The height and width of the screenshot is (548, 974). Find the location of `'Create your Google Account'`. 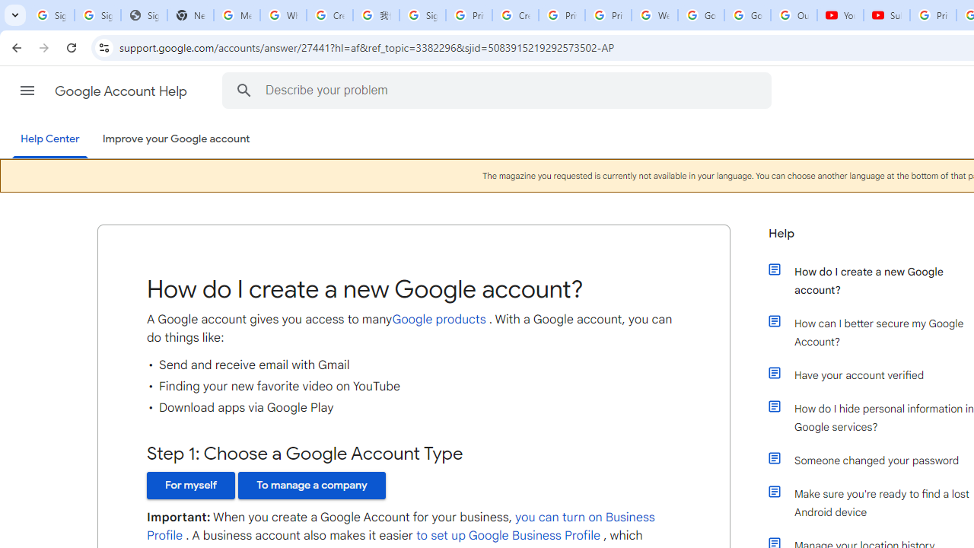

'Create your Google Account' is located at coordinates (329, 15).